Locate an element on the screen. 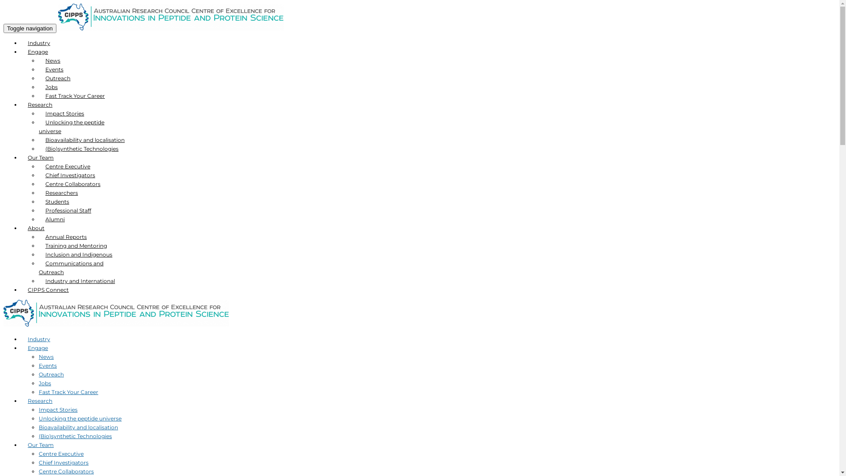 Image resolution: width=846 pixels, height=476 pixels. 'Professional Staff' is located at coordinates (38, 210).